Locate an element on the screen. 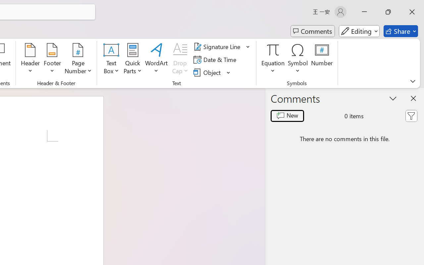 The height and width of the screenshot is (265, 424). 'Equation' is located at coordinates (273, 50).